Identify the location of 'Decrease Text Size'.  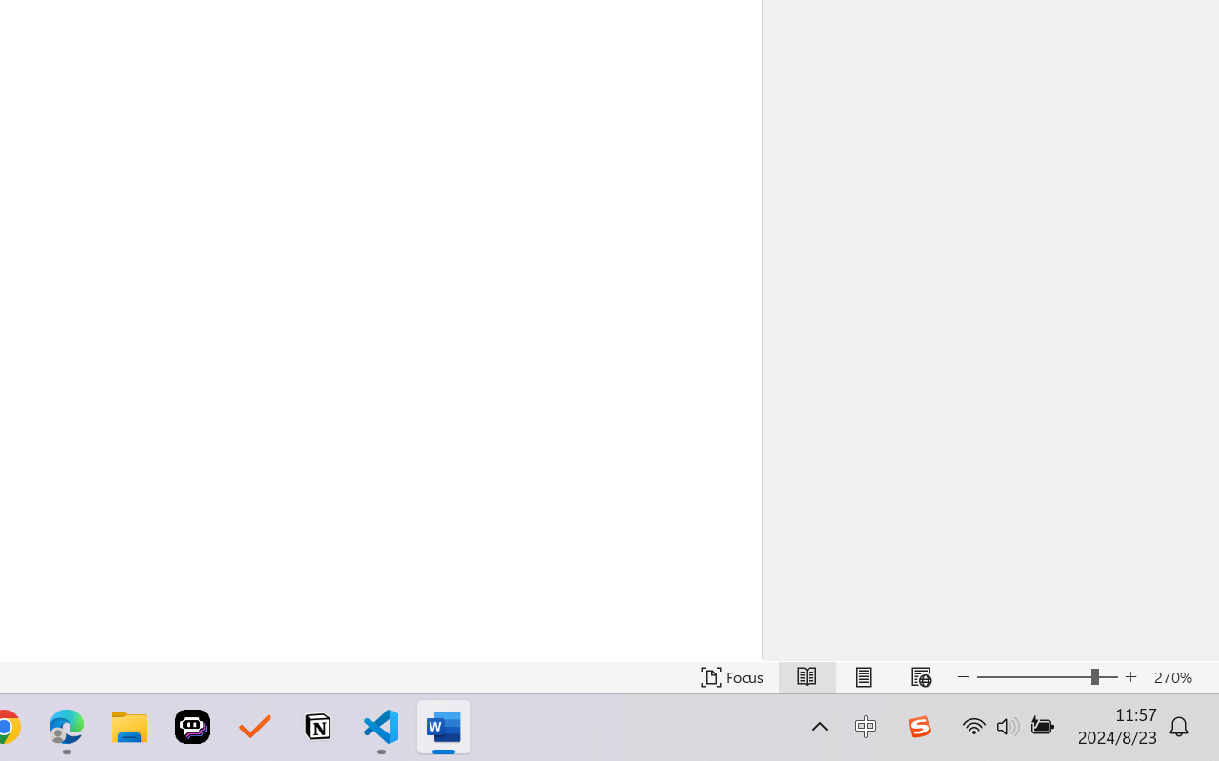
(963, 676).